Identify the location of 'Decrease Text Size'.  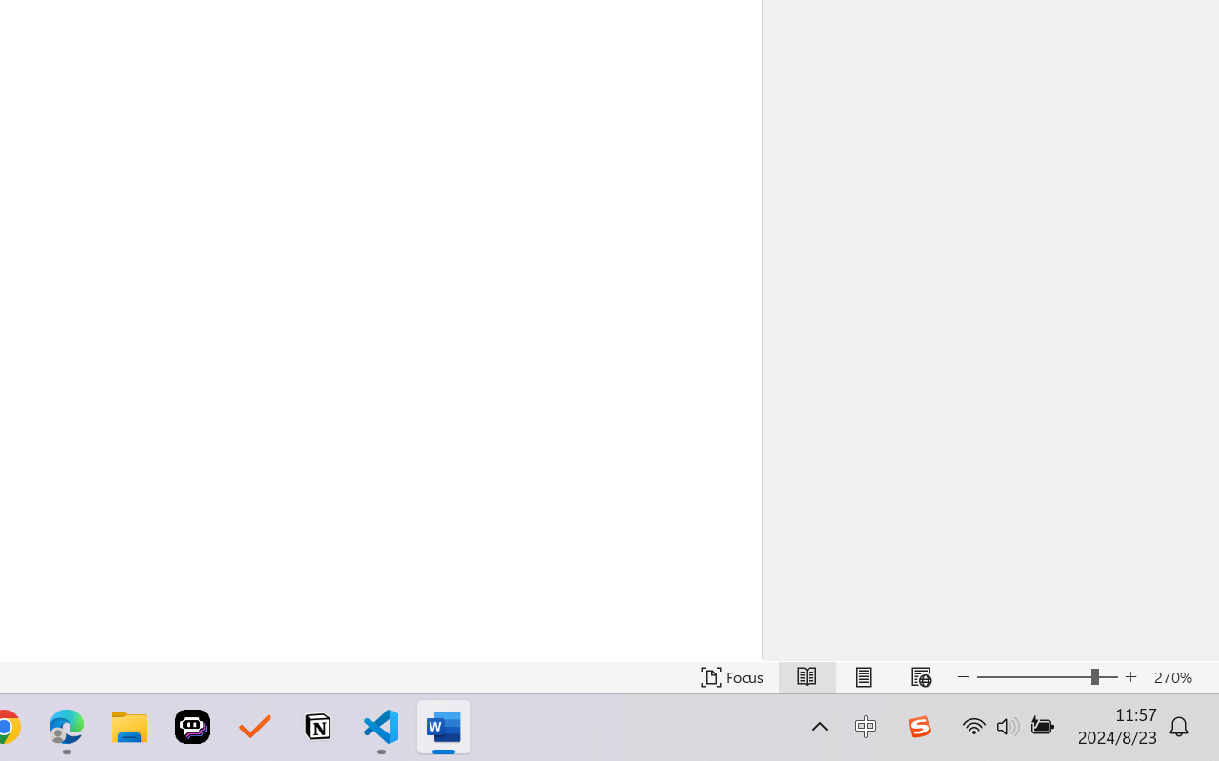
(963, 676).